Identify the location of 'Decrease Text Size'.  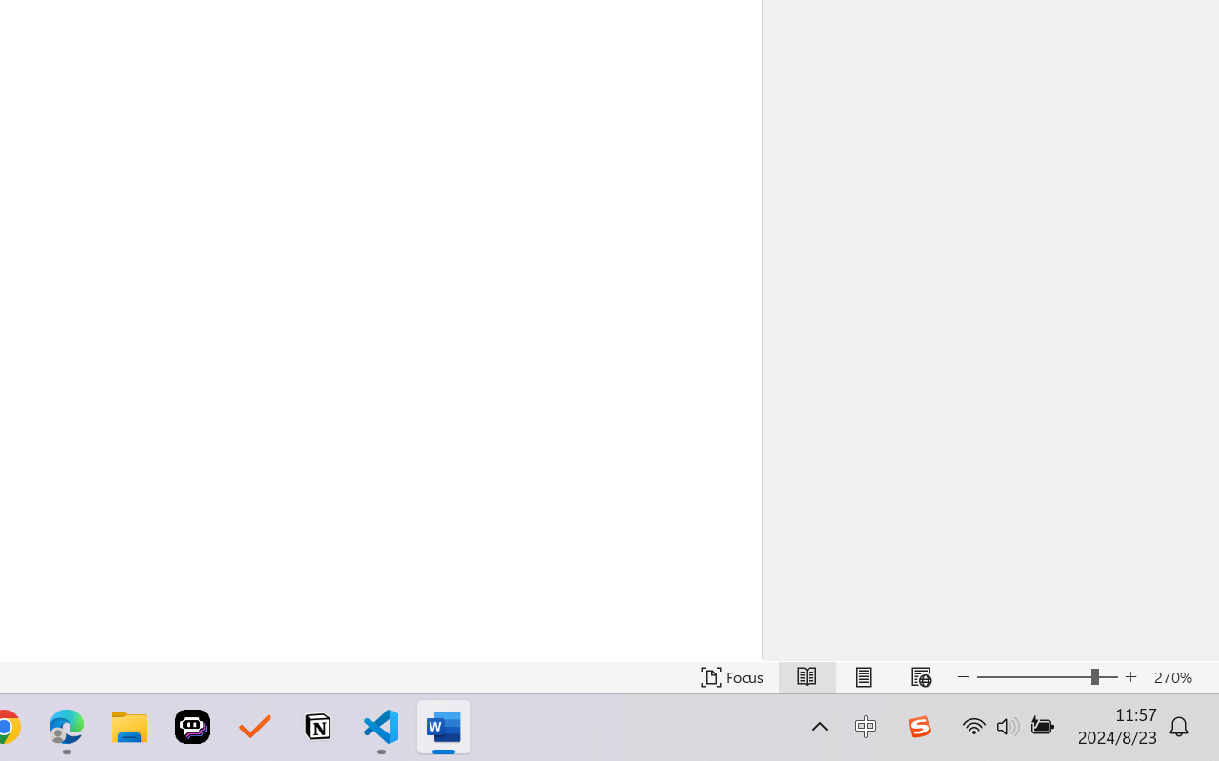
(963, 676).